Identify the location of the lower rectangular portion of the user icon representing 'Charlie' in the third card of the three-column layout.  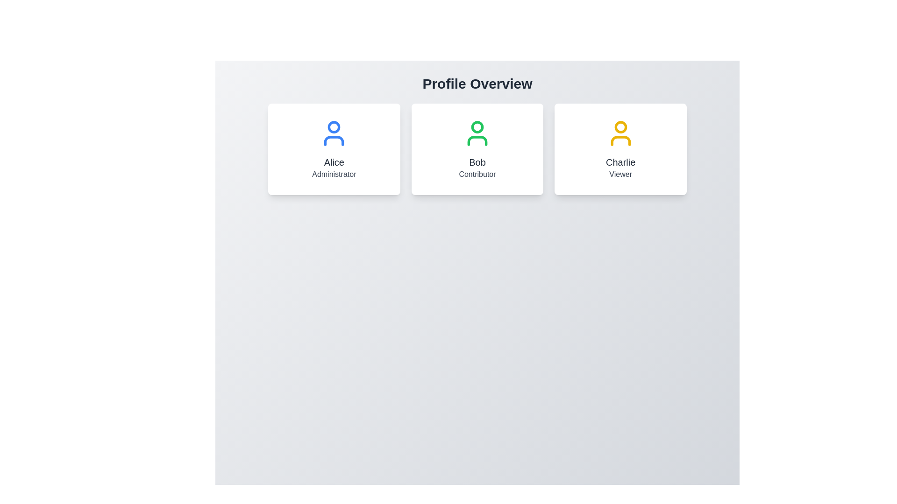
(620, 140).